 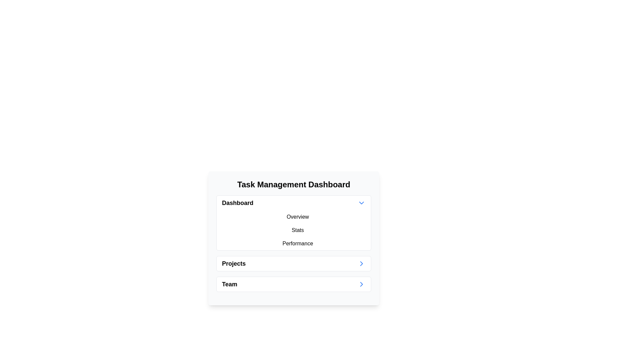 I want to click on the 'Projects' button located as the second item, so click(x=293, y=263).